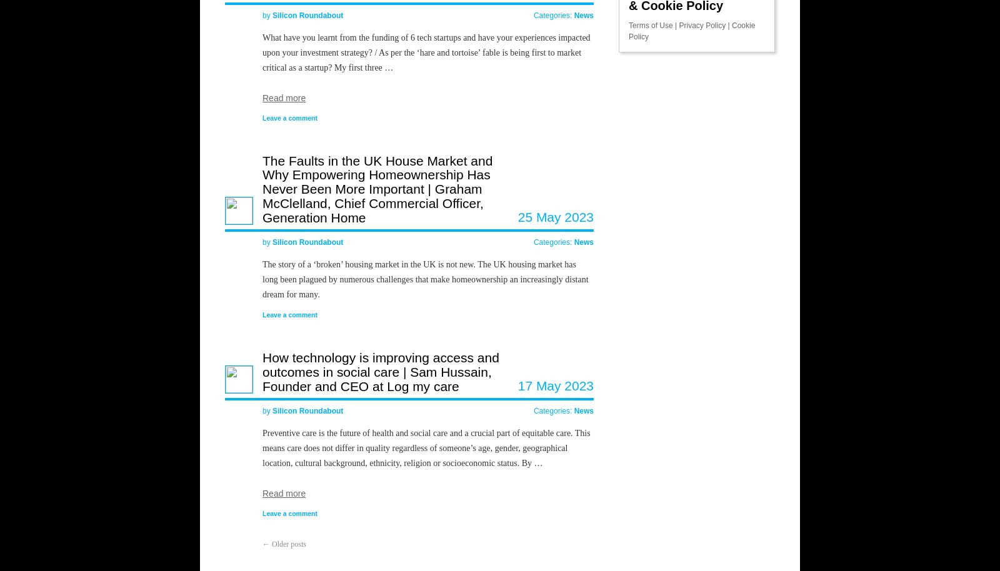 Image resolution: width=1000 pixels, height=571 pixels. What do you see at coordinates (692, 29) in the screenshot?
I see `'Cookie Policy'` at bounding box center [692, 29].